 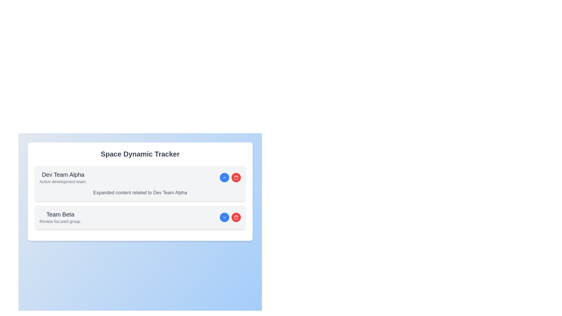 I want to click on the label reading 'Review focused group.' which is styled with a smaller font size and gray color, located below the heading 'Team Beta.', so click(x=60, y=221).